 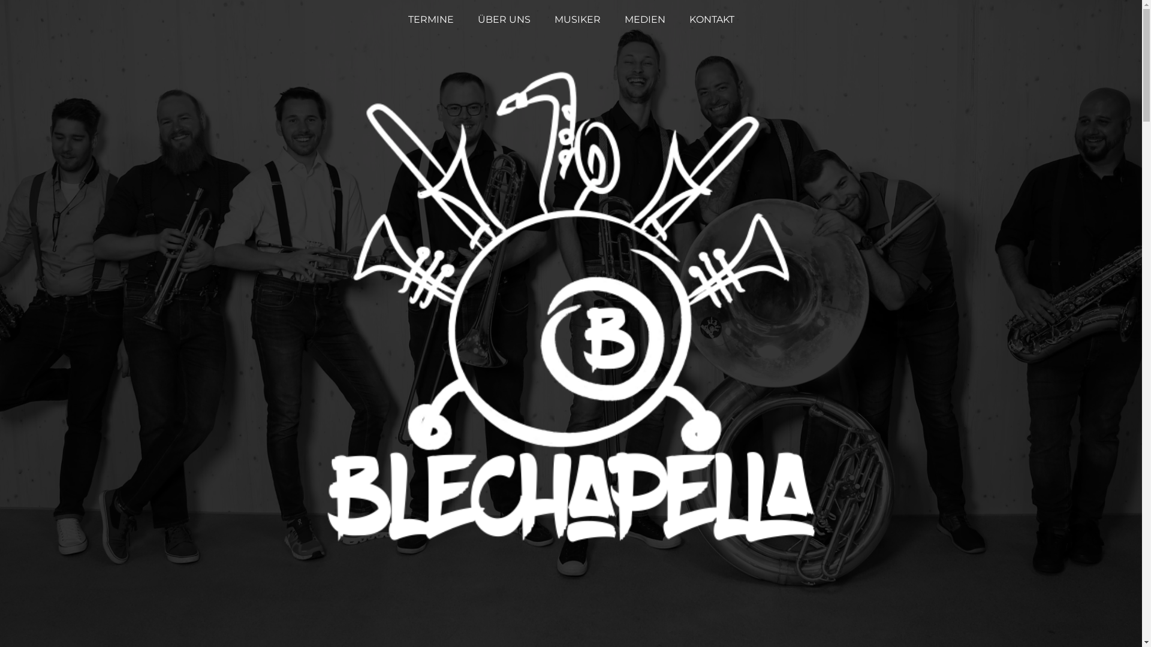 I want to click on 'MEDIEN', so click(x=644, y=20).